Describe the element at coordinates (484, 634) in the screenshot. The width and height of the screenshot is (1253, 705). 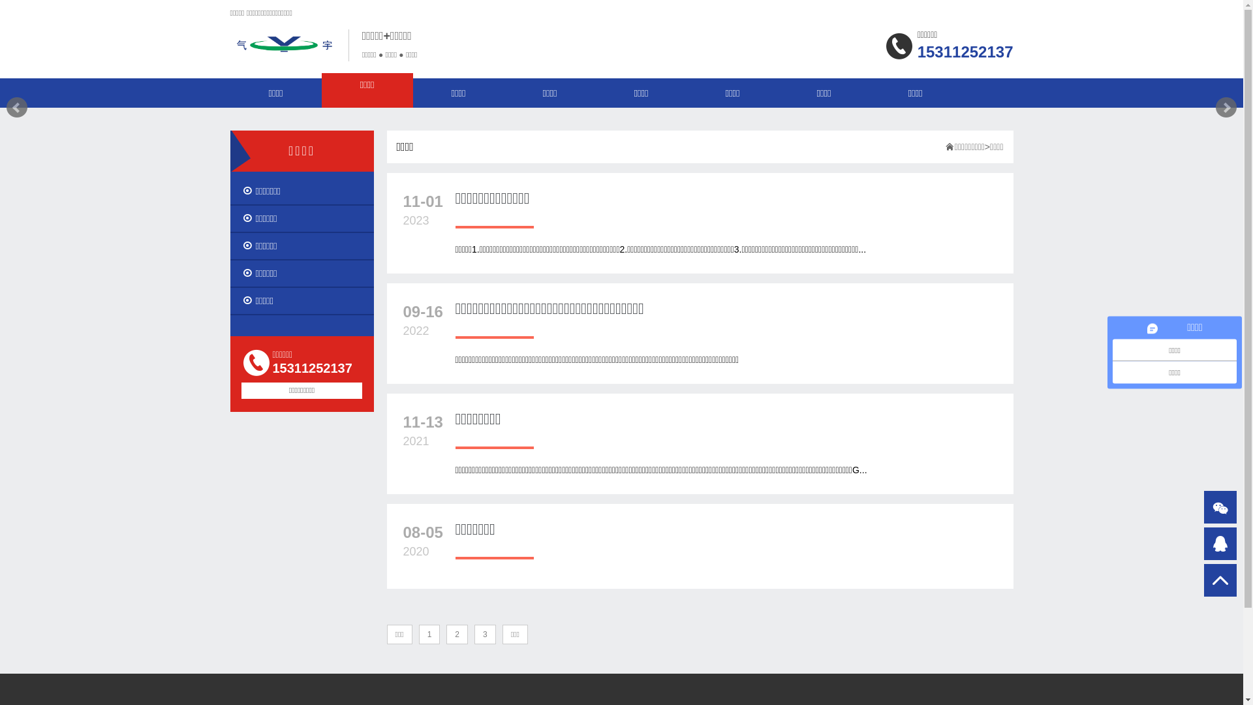
I see `'3'` at that location.